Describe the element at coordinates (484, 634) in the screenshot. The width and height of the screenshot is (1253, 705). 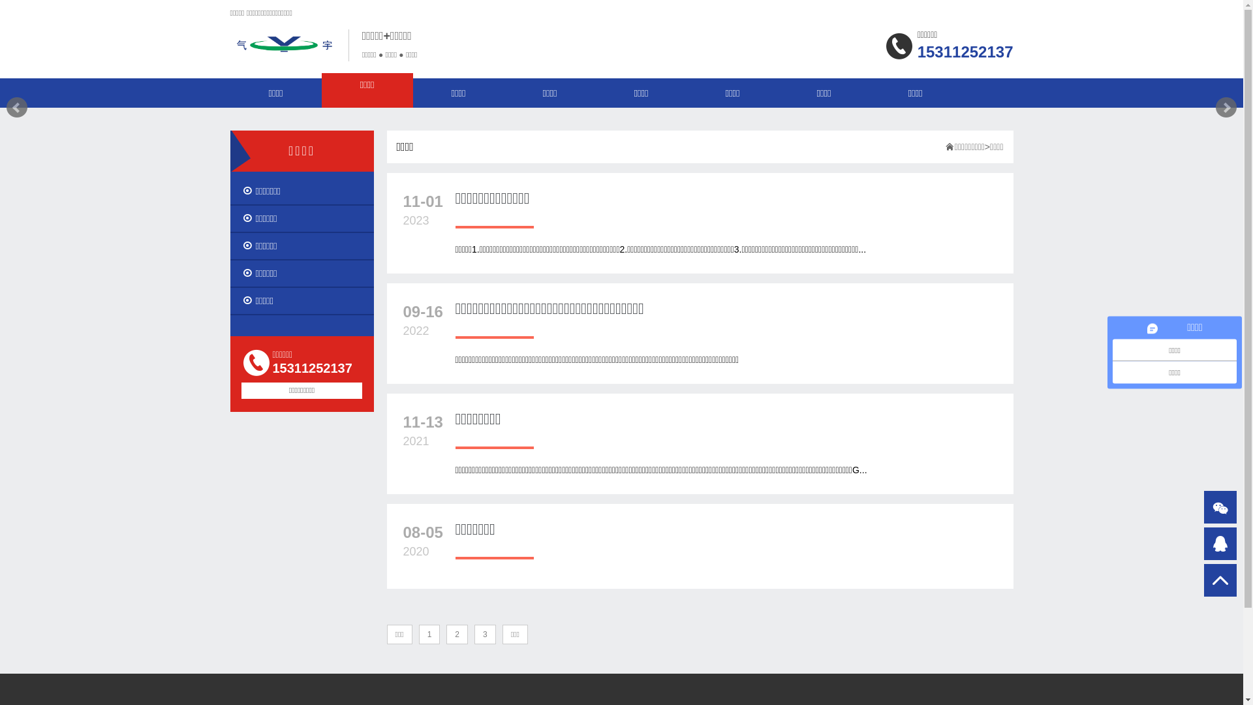
I see `'3'` at that location.